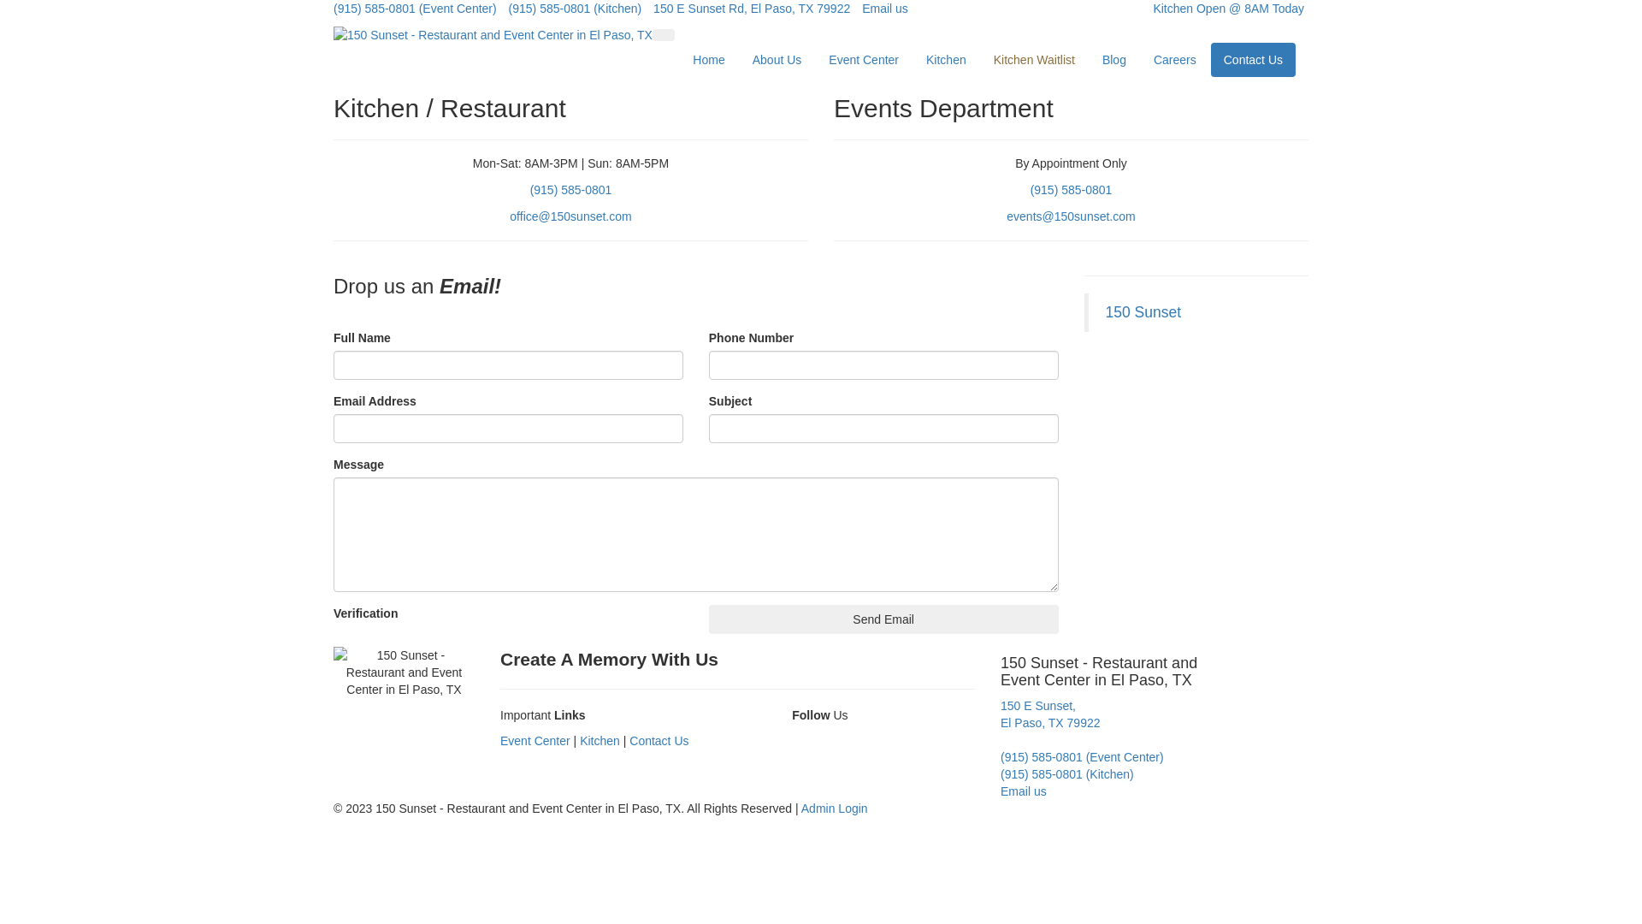  What do you see at coordinates (529, 190) in the screenshot?
I see `'(915) 585-0801'` at bounding box center [529, 190].